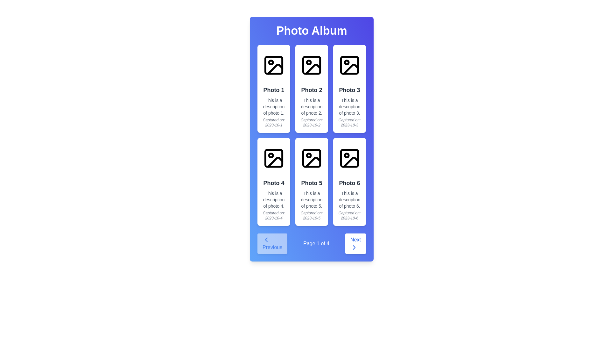  What do you see at coordinates (274, 215) in the screenshot?
I see `the text label displaying 'Captured on: 2023-10-4', which is positioned at the bottom-left corner of the card titled 'Photo 4'` at bounding box center [274, 215].